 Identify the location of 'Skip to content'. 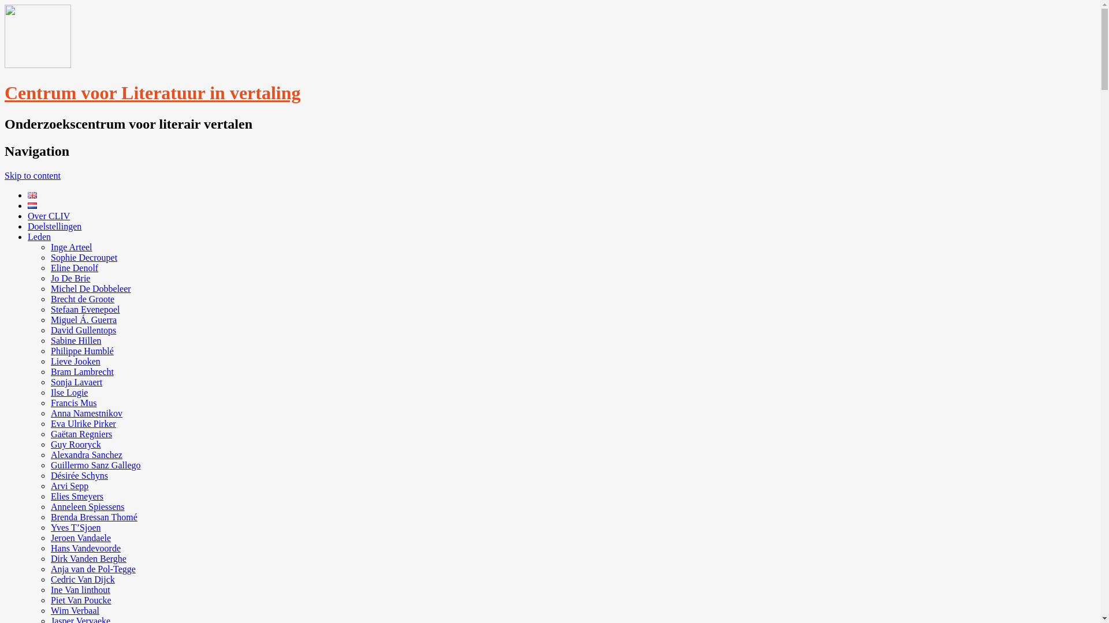
(32, 175).